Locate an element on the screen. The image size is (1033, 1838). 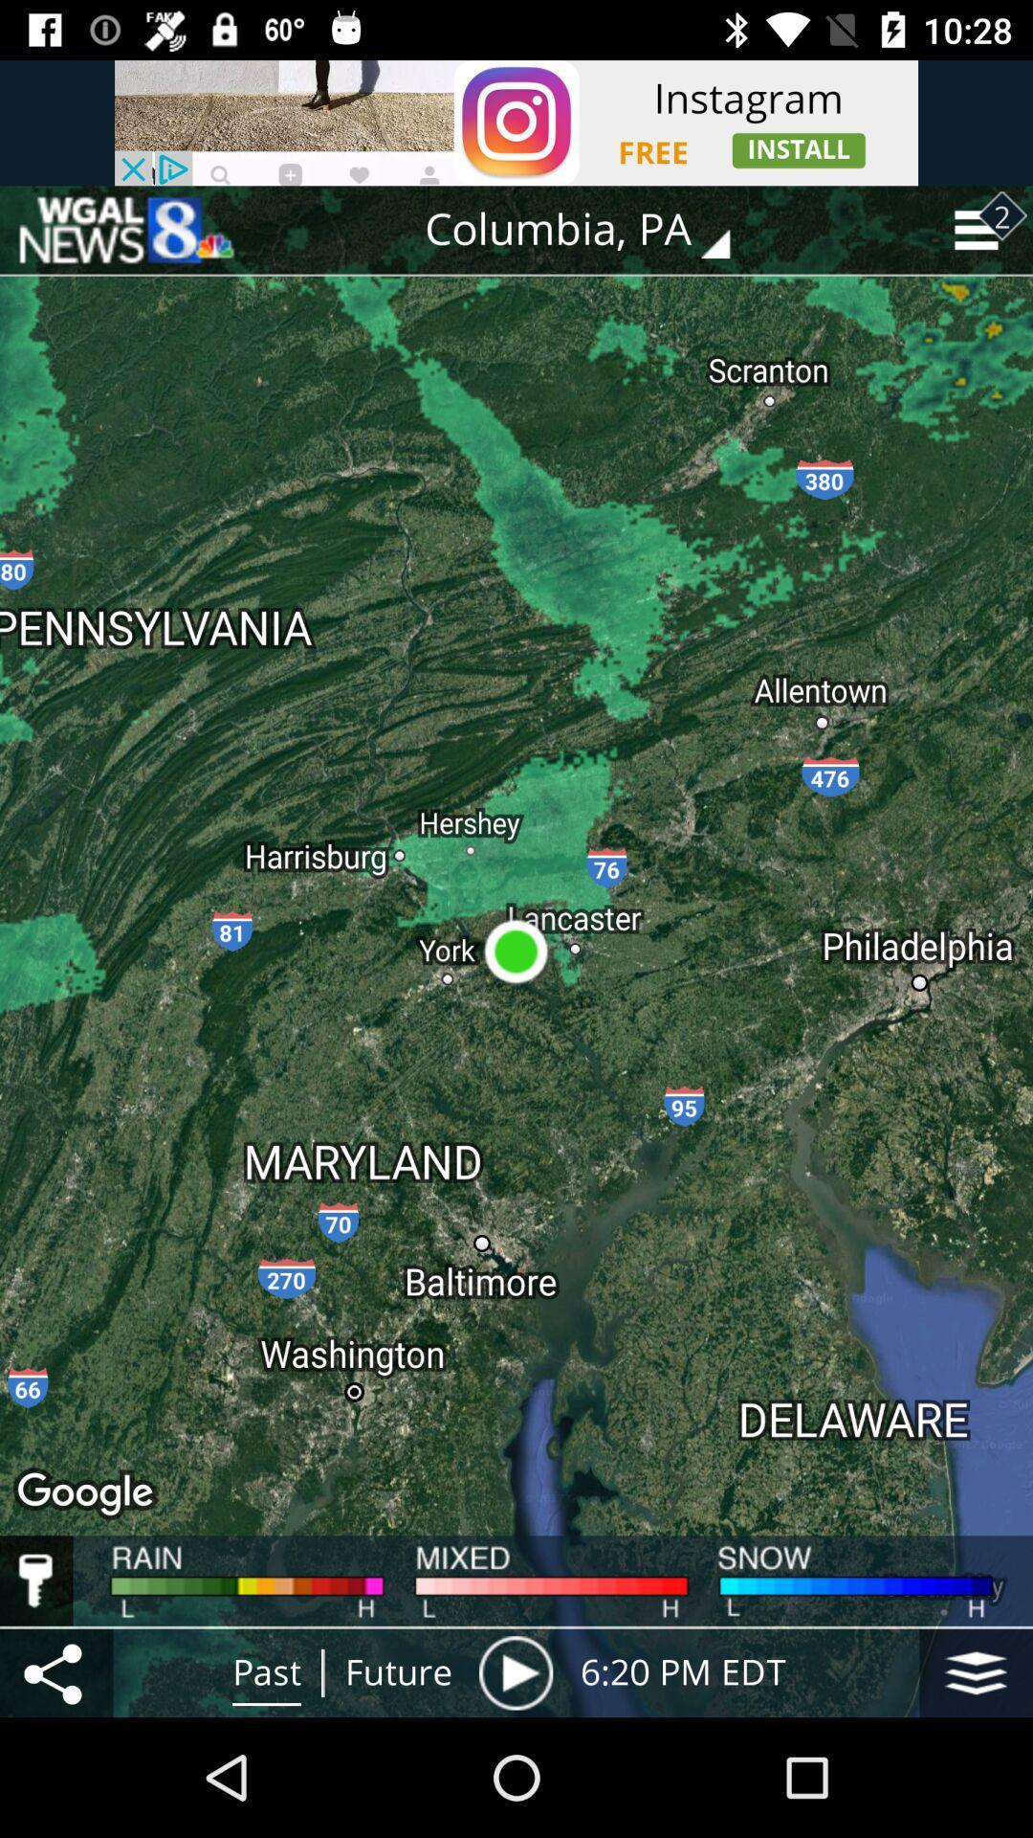
icon next to 6 20 pm is located at coordinates (976, 1671).